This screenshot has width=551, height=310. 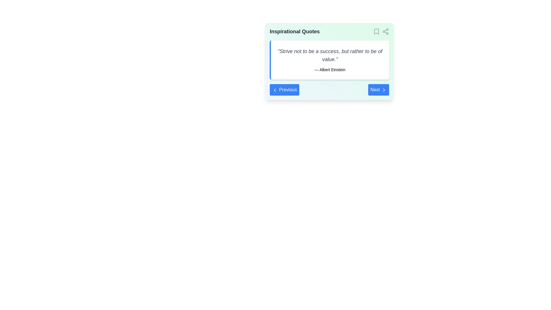 What do you see at coordinates (295, 32) in the screenshot?
I see `the static text element that serves as a title for inspirational quotes, located at the top-left corner of a bordered card-like structure` at bounding box center [295, 32].